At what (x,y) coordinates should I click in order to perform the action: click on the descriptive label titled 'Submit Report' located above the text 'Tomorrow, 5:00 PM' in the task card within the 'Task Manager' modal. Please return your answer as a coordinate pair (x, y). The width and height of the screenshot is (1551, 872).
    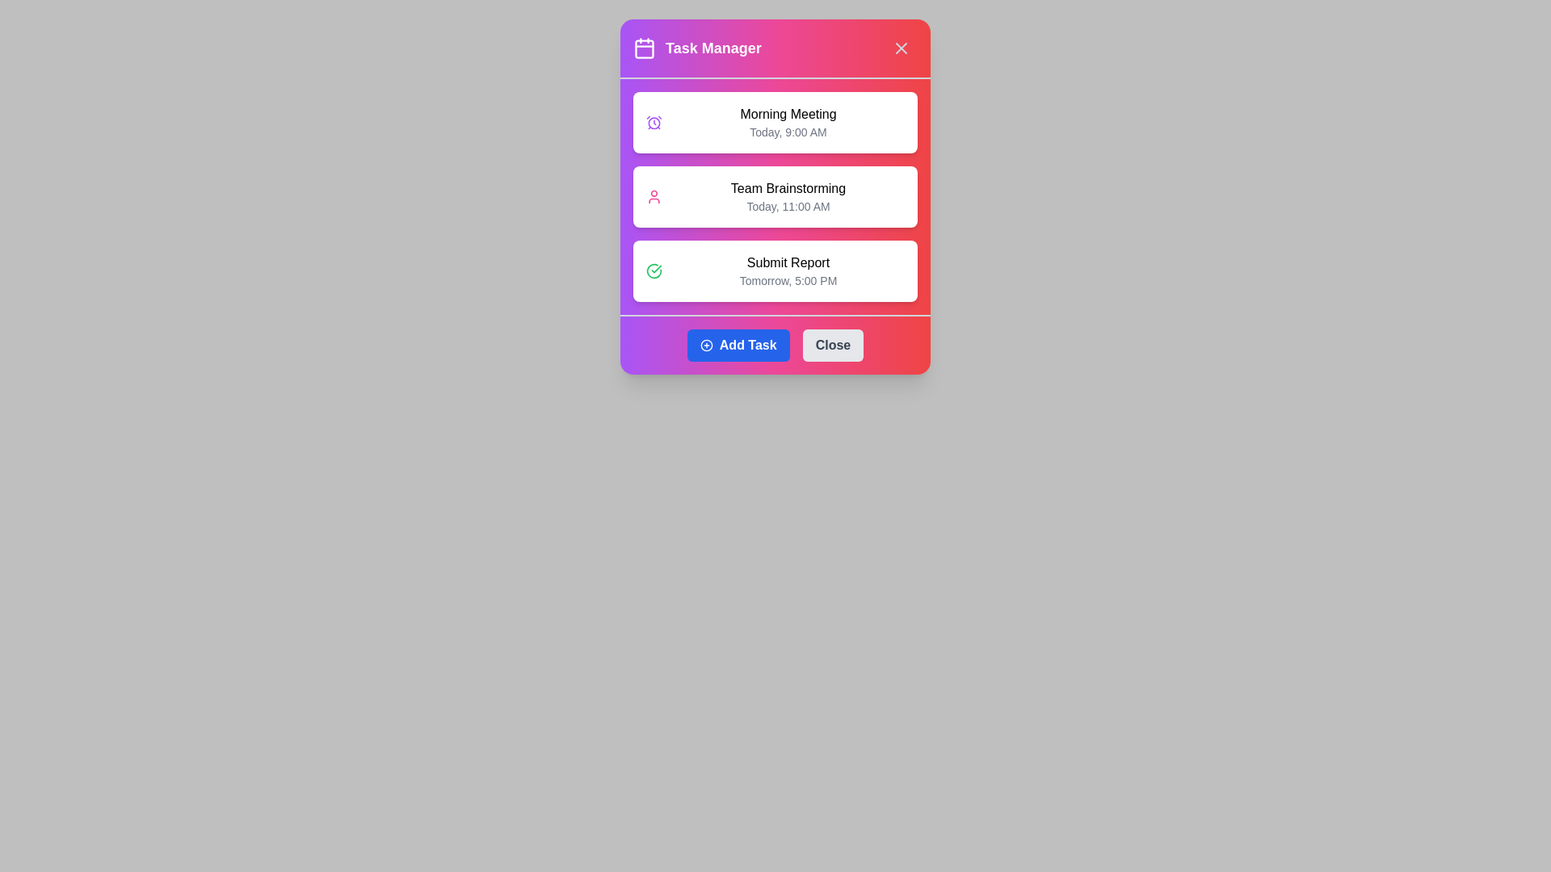
    Looking at the image, I should click on (788, 262).